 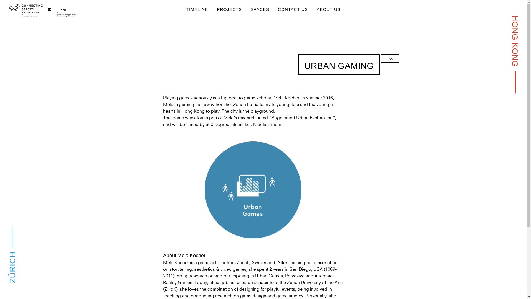 What do you see at coordinates (259, 9) in the screenshot?
I see `'SPACES'` at bounding box center [259, 9].